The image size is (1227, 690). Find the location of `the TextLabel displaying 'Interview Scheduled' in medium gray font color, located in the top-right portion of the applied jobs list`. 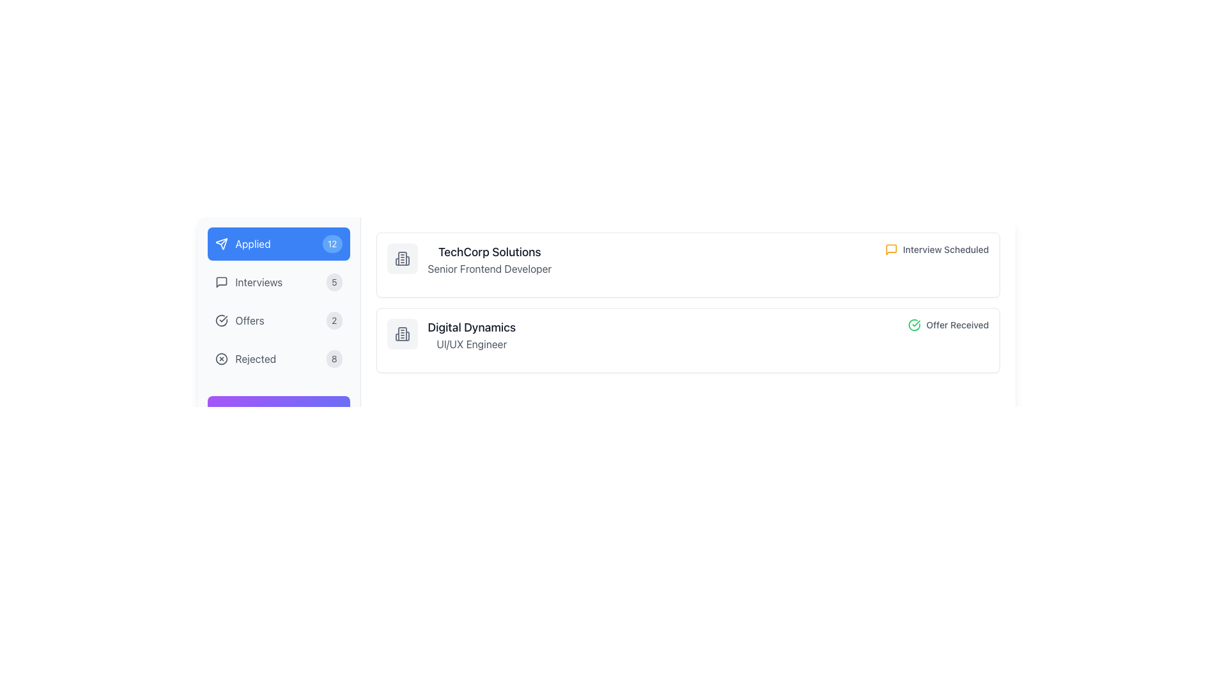

the TextLabel displaying 'Interview Scheduled' in medium gray font color, located in the top-right portion of the applied jobs list is located at coordinates (946, 249).